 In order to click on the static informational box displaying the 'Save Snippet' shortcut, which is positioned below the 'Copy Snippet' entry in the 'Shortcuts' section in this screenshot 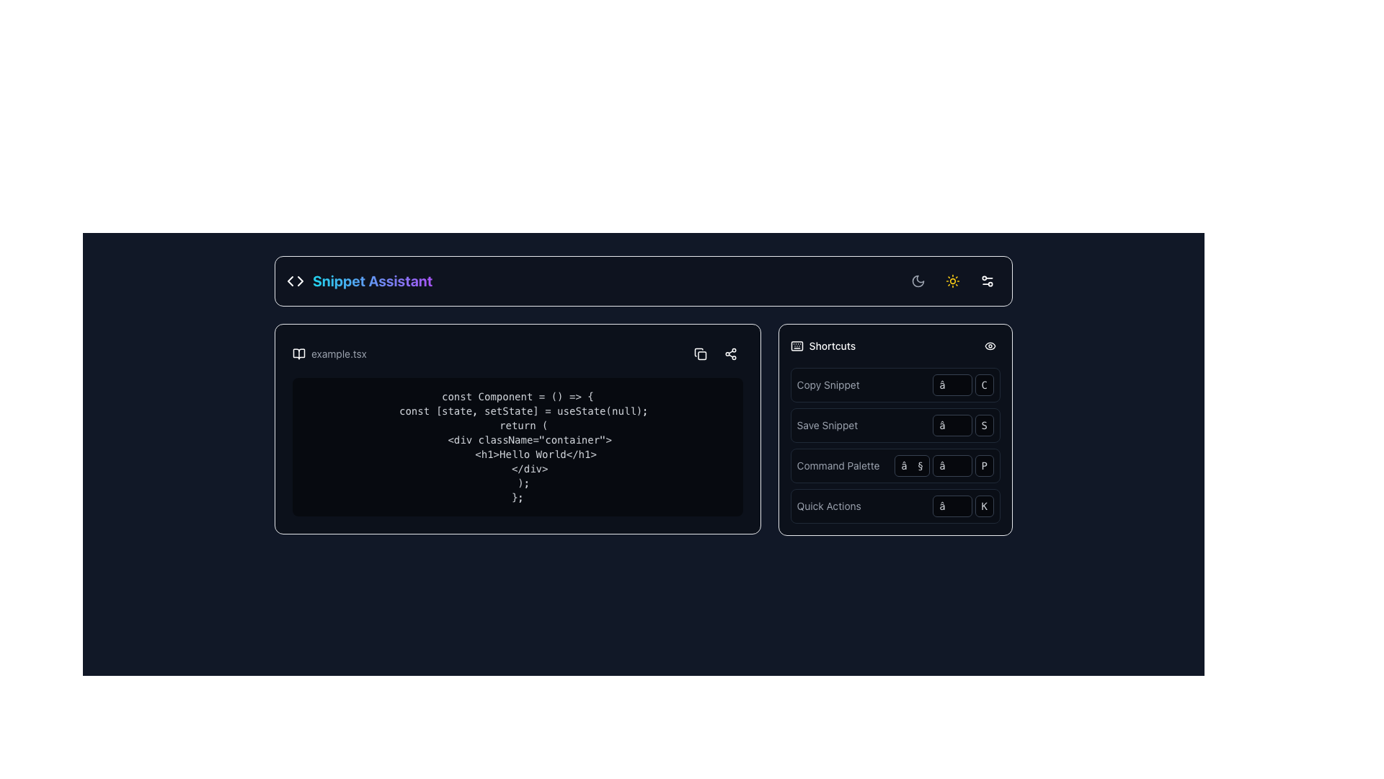, I will do `click(895, 429)`.